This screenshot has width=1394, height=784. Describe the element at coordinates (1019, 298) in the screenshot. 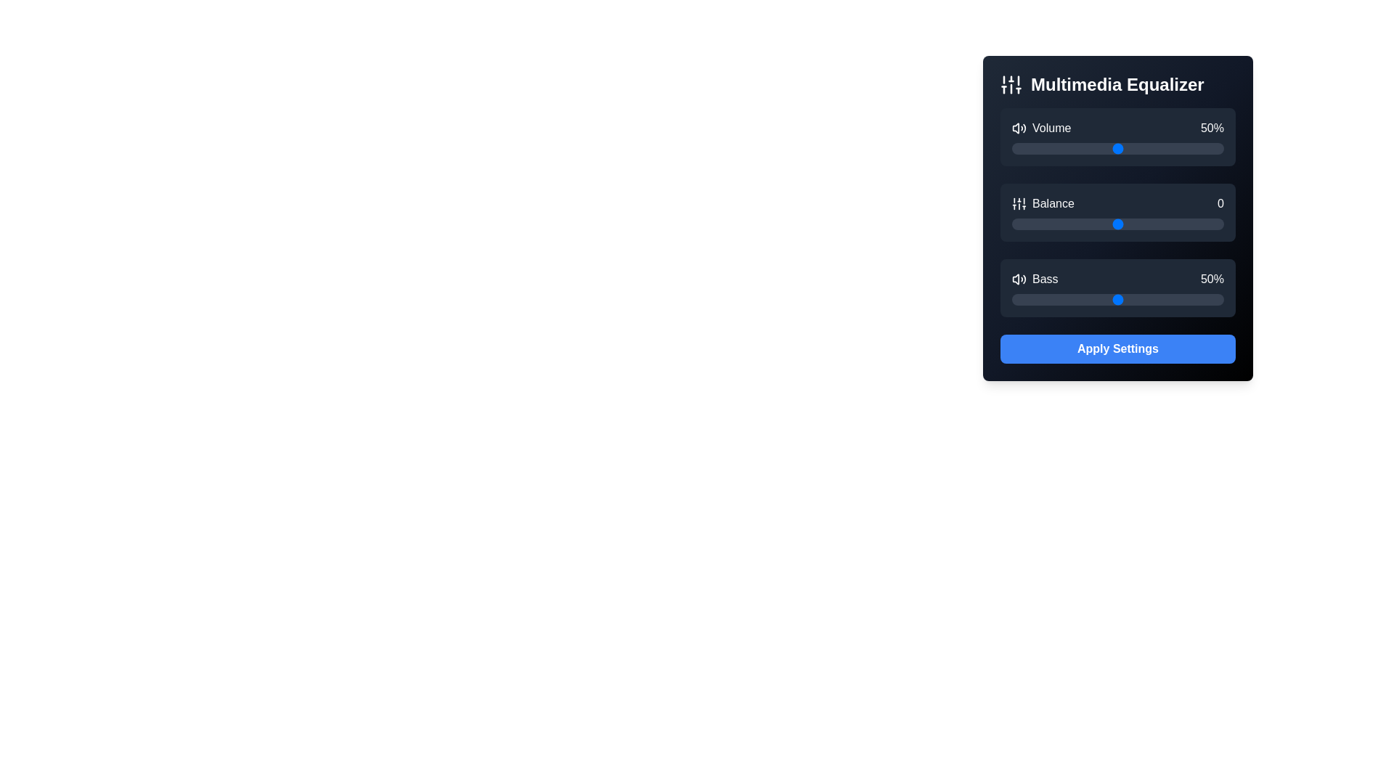

I see `bass level` at that location.